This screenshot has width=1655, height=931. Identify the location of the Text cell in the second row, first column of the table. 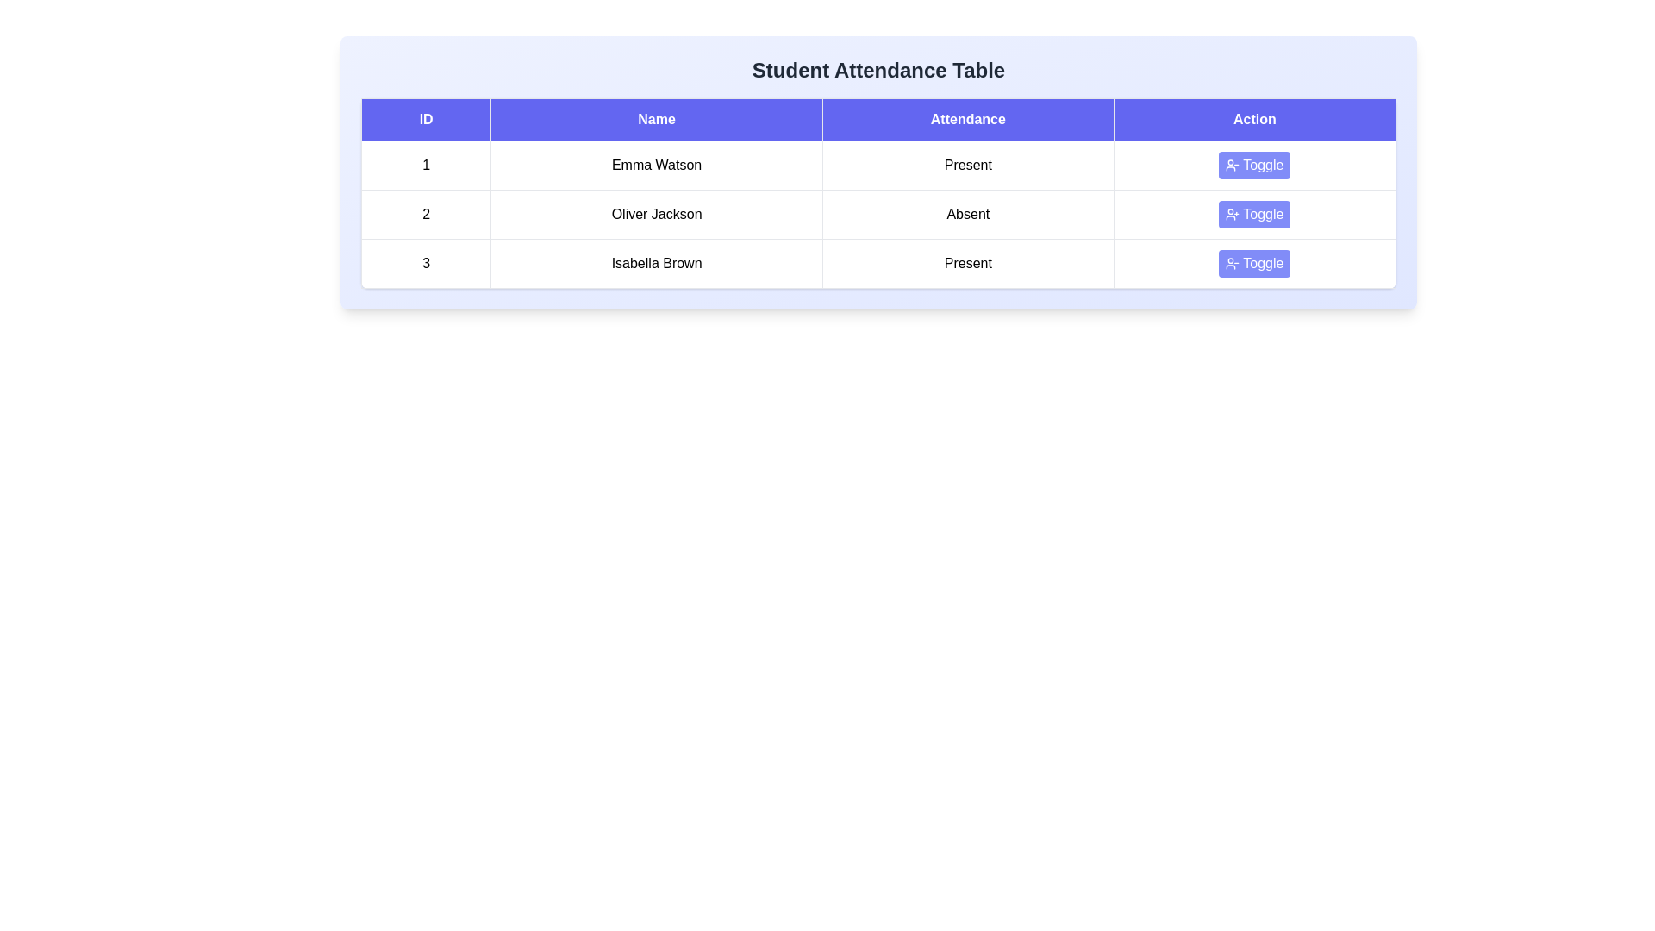
(426, 214).